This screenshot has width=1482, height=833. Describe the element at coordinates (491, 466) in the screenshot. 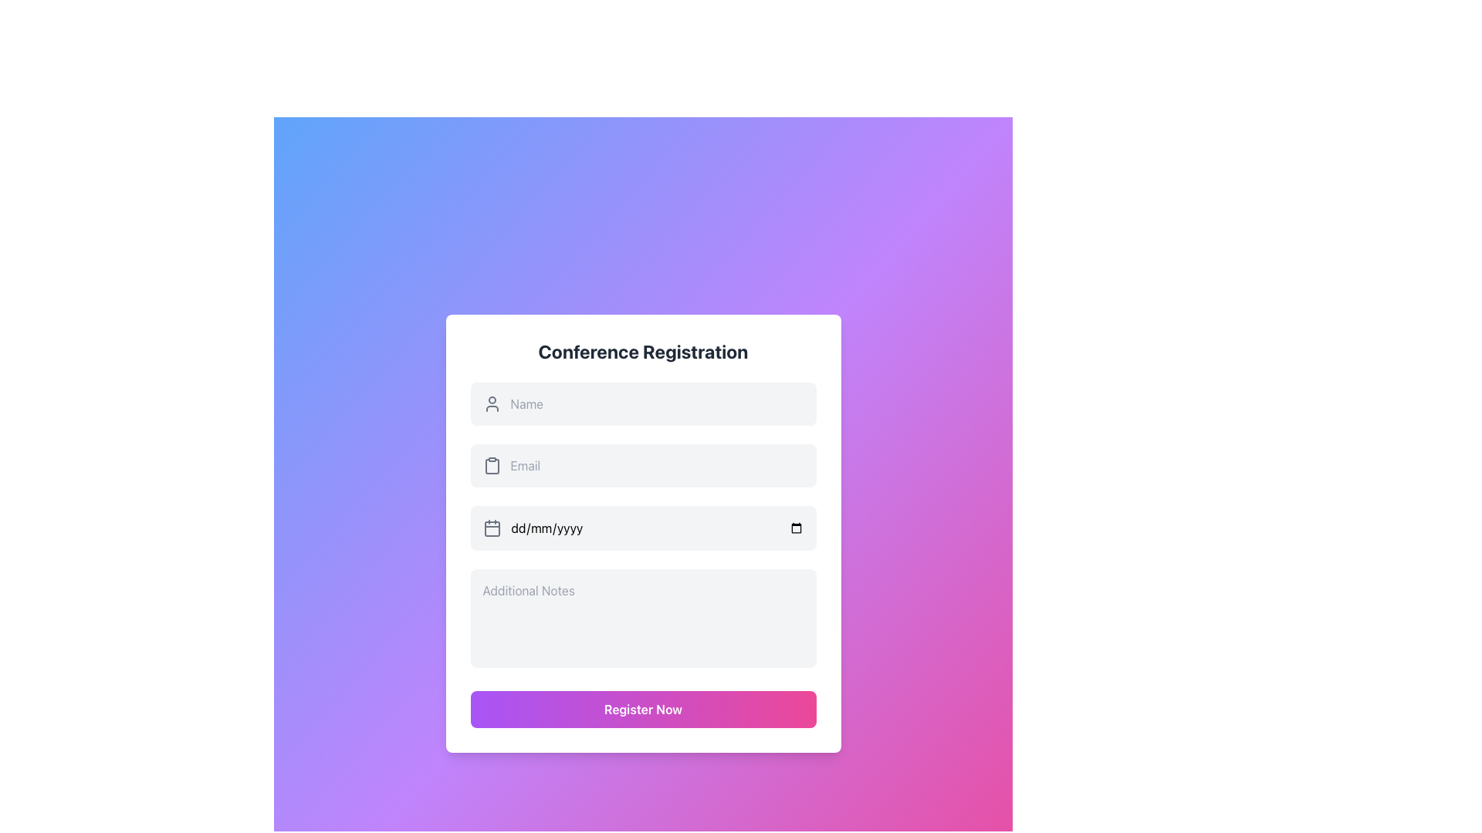

I see `the clipboard icon, which is a larger rectangular body located below the square header and to the left of the 'Email' text field` at that location.